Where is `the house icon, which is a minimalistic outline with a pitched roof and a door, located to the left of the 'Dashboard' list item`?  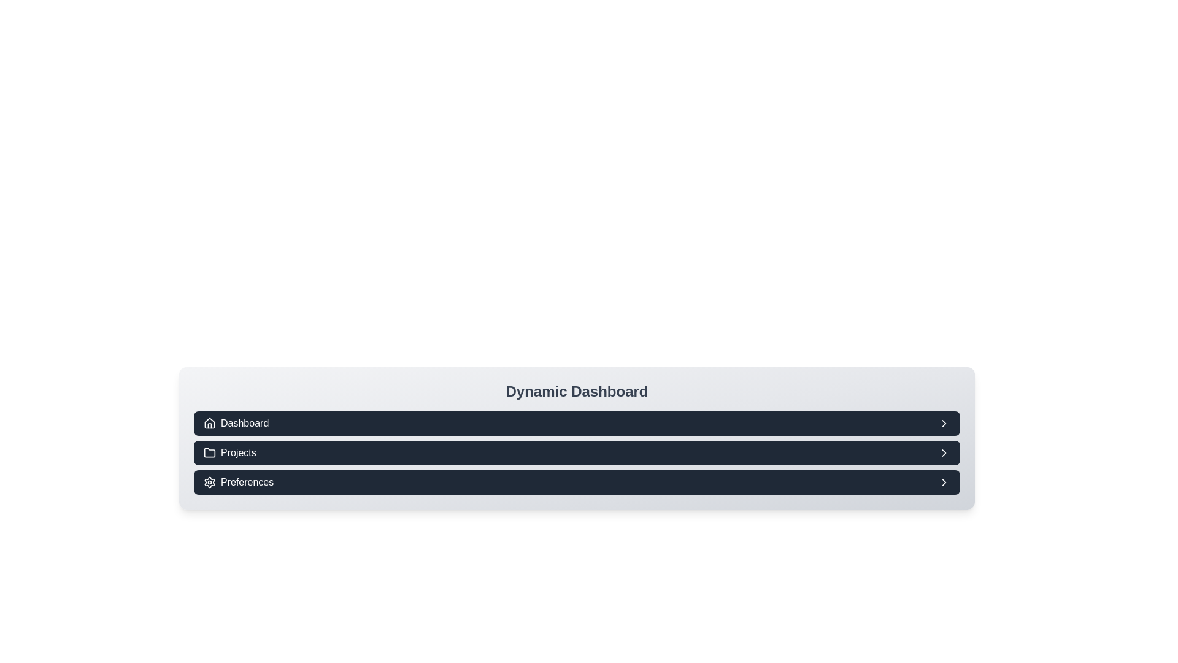
the house icon, which is a minimalistic outline with a pitched roof and a door, located to the left of the 'Dashboard' list item is located at coordinates (209, 423).